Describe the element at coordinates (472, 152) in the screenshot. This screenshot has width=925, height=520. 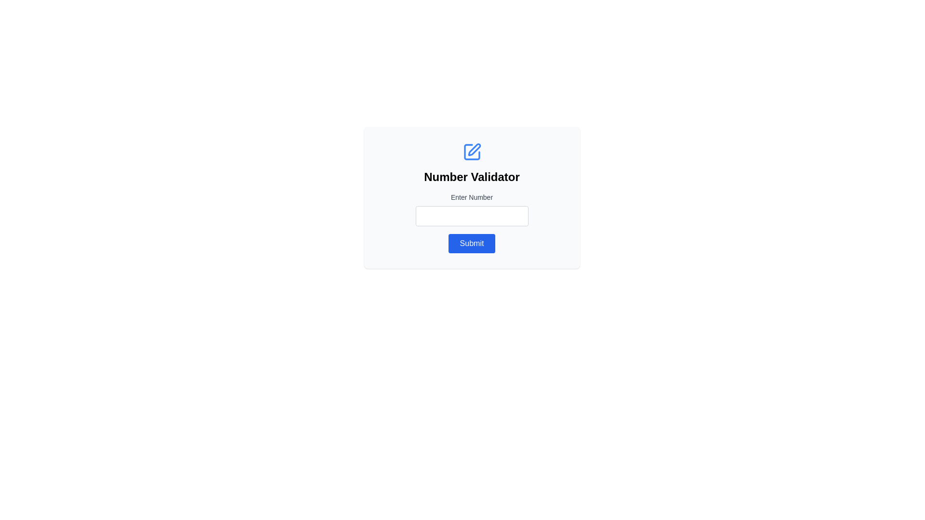
I see `the decorative or functional icon related to editing or creating actions located at the top middle of the panel titled 'Number Validator'` at that location.